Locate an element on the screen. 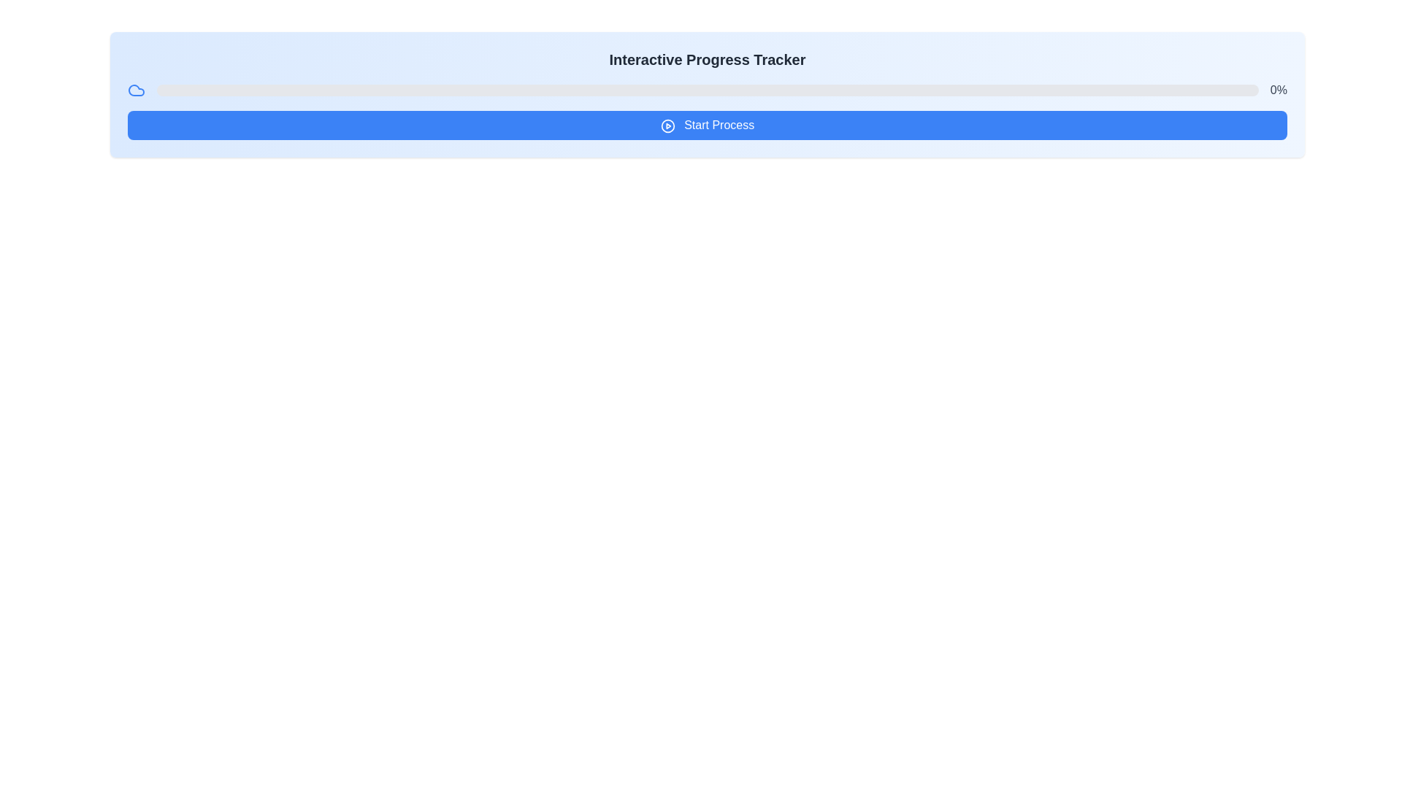 Image resolution: width=1402 pixels, height=788 pixels. the progress bar, which is horizontally centered below the title 'Interactive Progress Tracker' and above the 'Start Process' button, indicating a progress level of 0% is located at coordinates (708, 90).